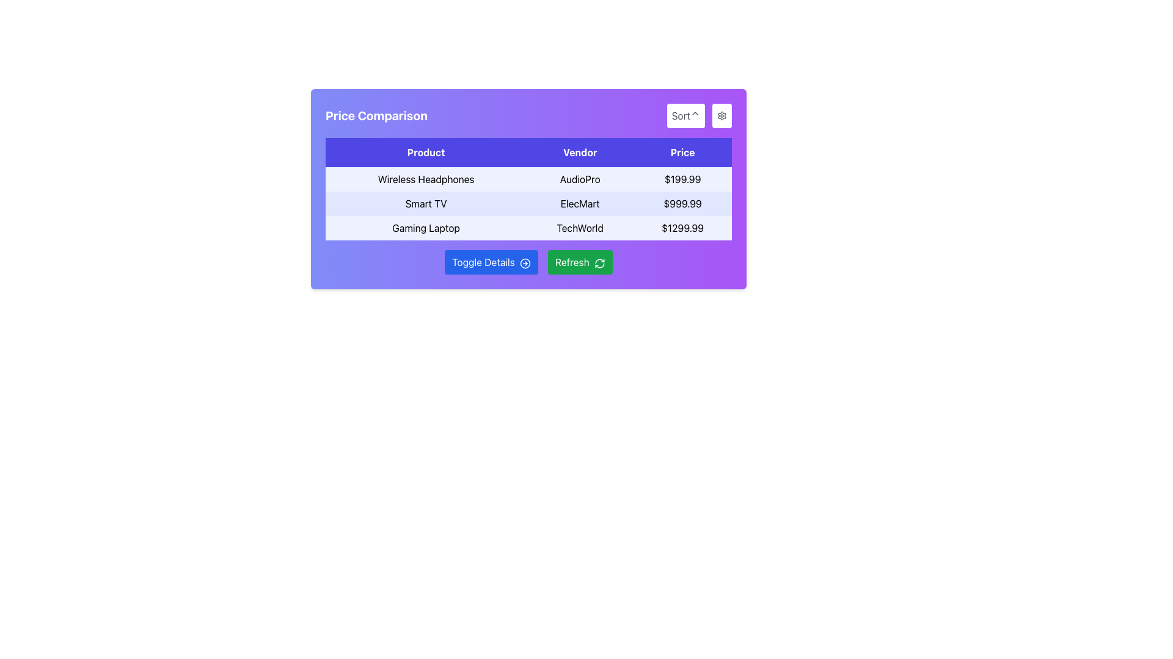  What do you see at coordinates (682, 179) in the screenshot?
I see `the text label displaying the price '$199.99' in bold style, located in the 'Price' column of the first row in the table, next to 'Wireless Headphones' and 'AudioPro'` at bounding box center [682, 179].